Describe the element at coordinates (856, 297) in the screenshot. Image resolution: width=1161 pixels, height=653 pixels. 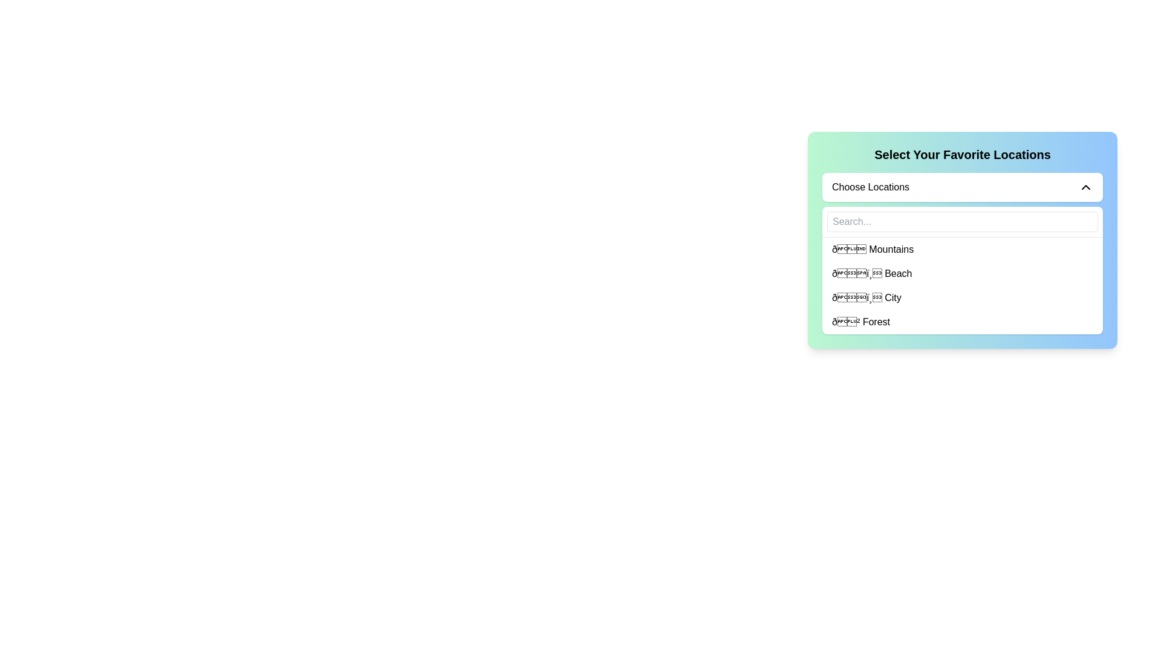
I see `the static icon representing the 'City' option in the location selection list within the modal titled 'Select Your Favorite Locations'` at that location.